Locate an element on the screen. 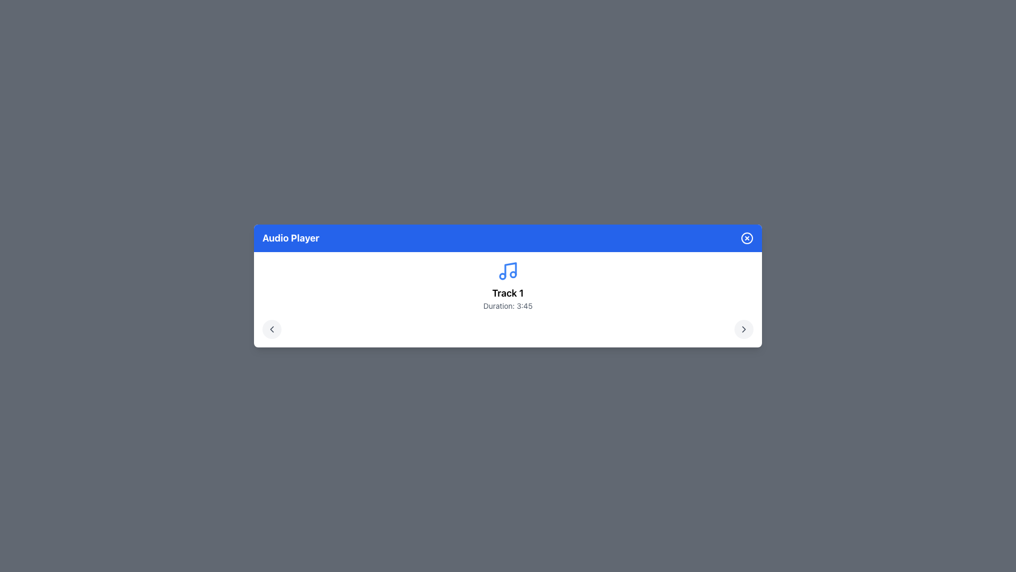 Image resolution: width=1016 pixels, height=572 pixels. the circle icon element within the SVG that visually represents a component of the music icon, located in the upper-right area of the music icon is located at coordinates (513, 273).